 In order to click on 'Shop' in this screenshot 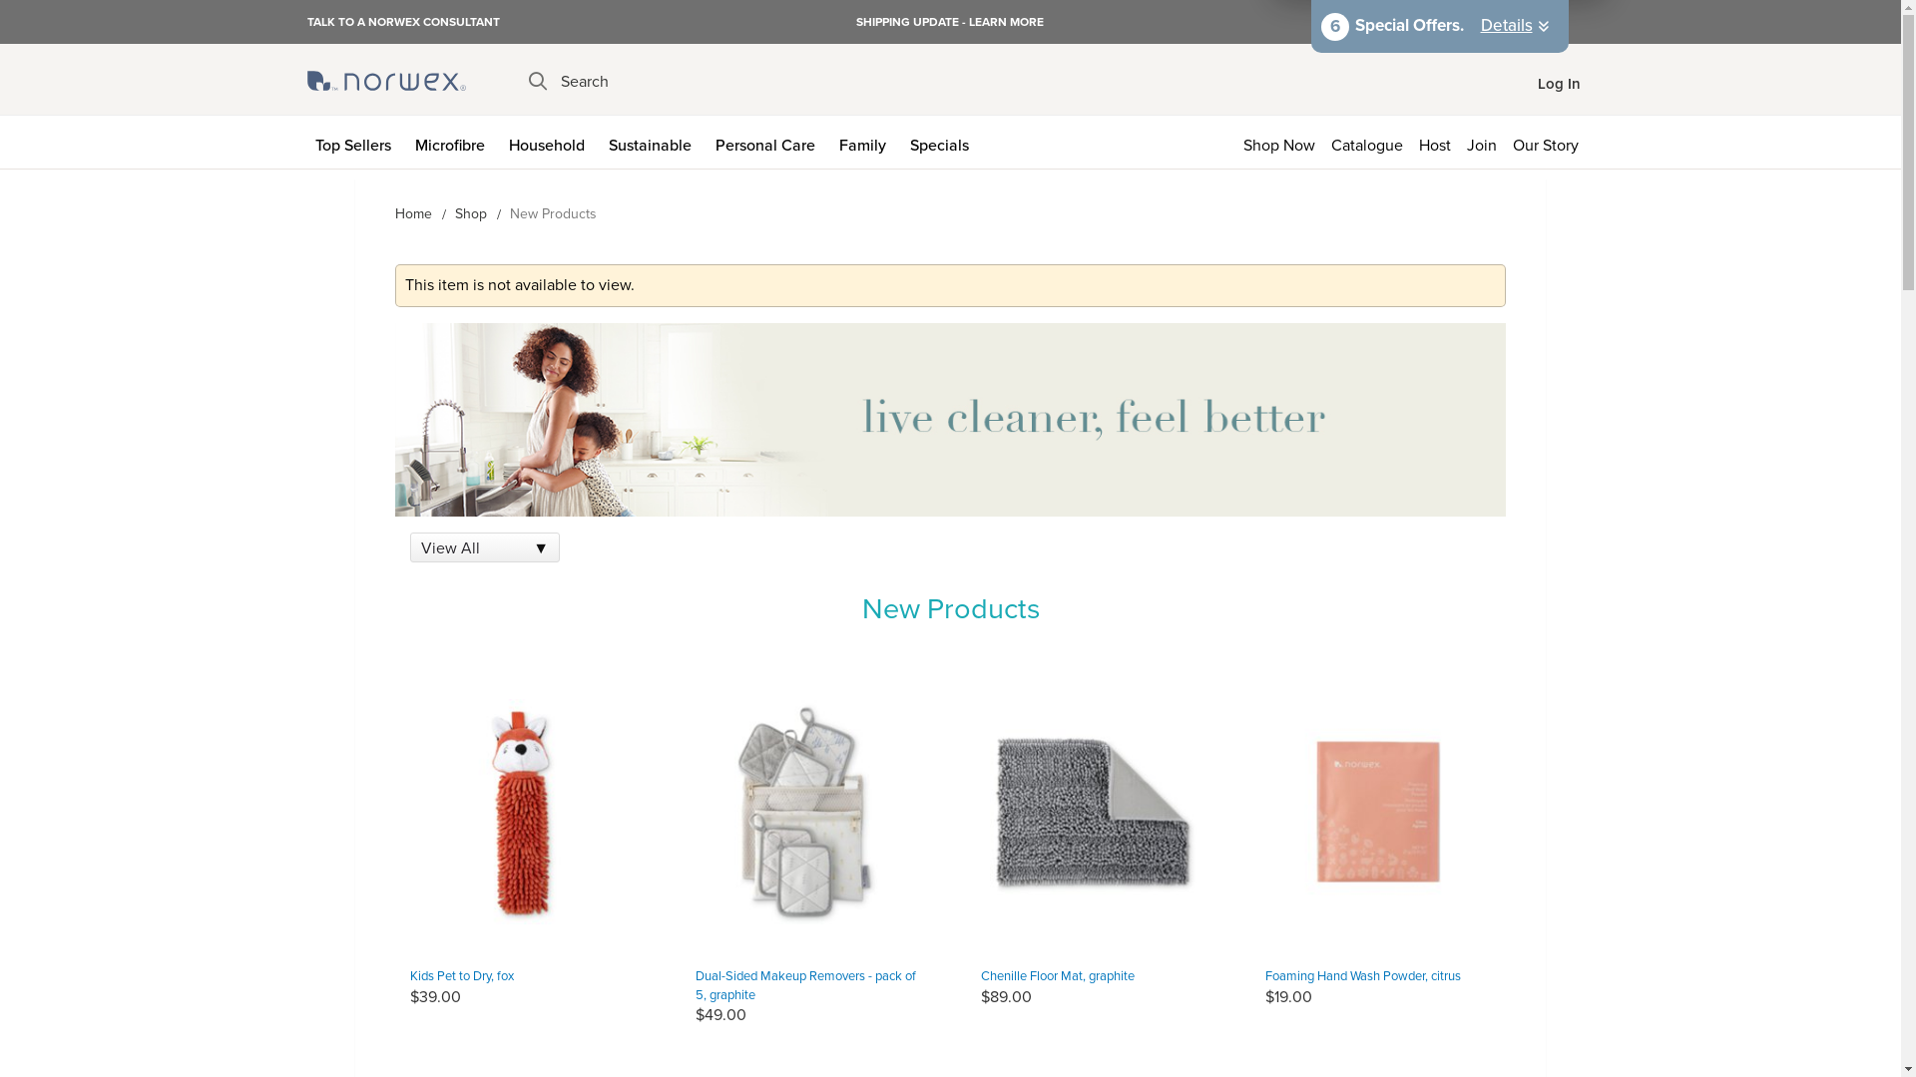, I will do `click(469, 213)`.